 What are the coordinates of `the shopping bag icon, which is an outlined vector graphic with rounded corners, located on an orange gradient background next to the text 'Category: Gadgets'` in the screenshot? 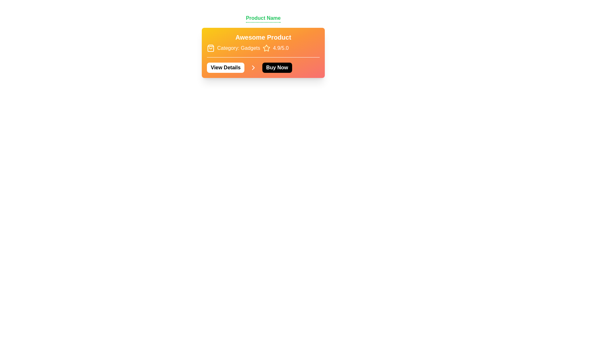 It's located at (210, 48).